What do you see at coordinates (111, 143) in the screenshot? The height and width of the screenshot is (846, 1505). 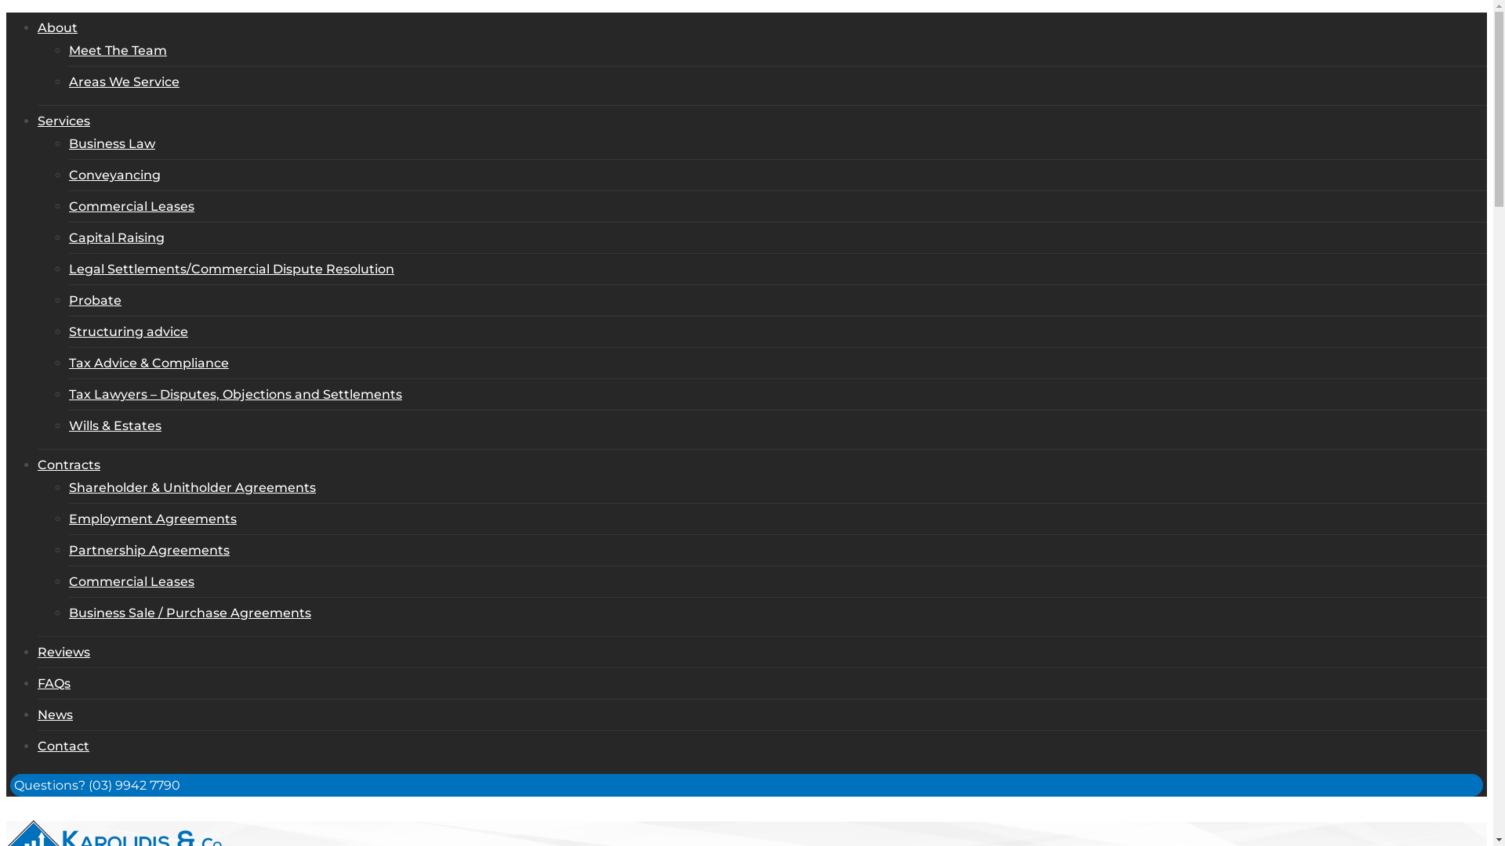 I see `'Business Law'` at bounding box center [111, 143].